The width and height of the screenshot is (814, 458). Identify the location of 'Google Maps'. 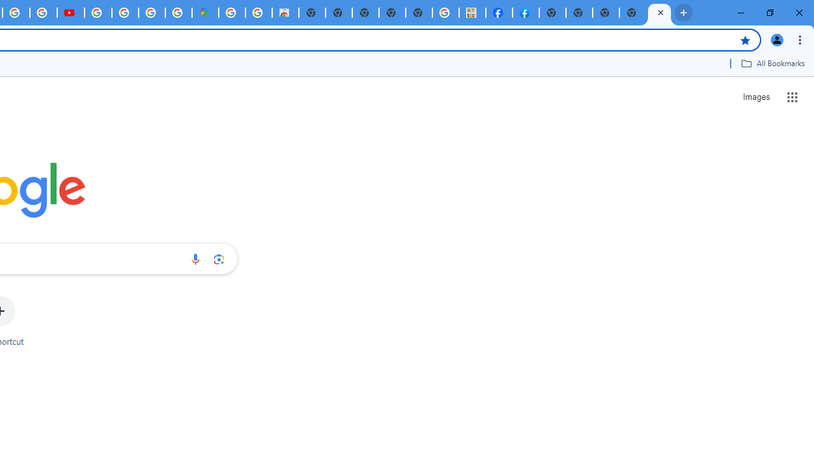
(205, 13).